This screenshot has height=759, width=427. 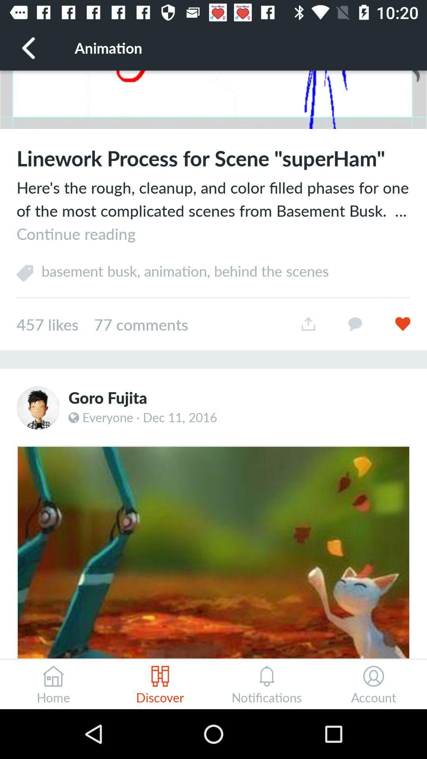 I want to click on here s the, so click(x=213, y=210).